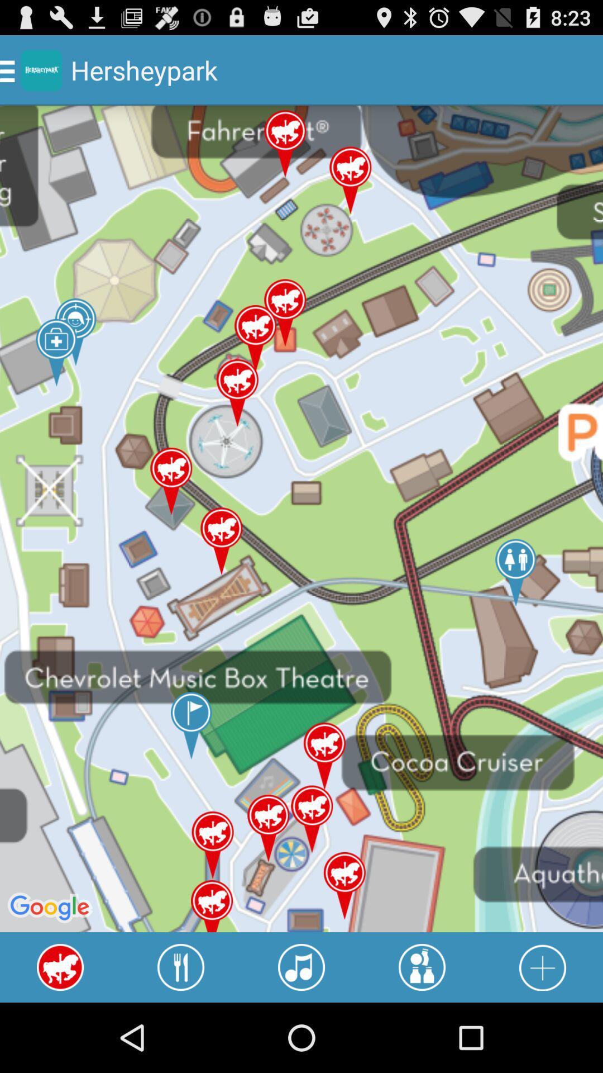  What do you see at coordinates (301, 967) in the screenshot?
I see `icon at the bottom` at bounding box center [301, 967].